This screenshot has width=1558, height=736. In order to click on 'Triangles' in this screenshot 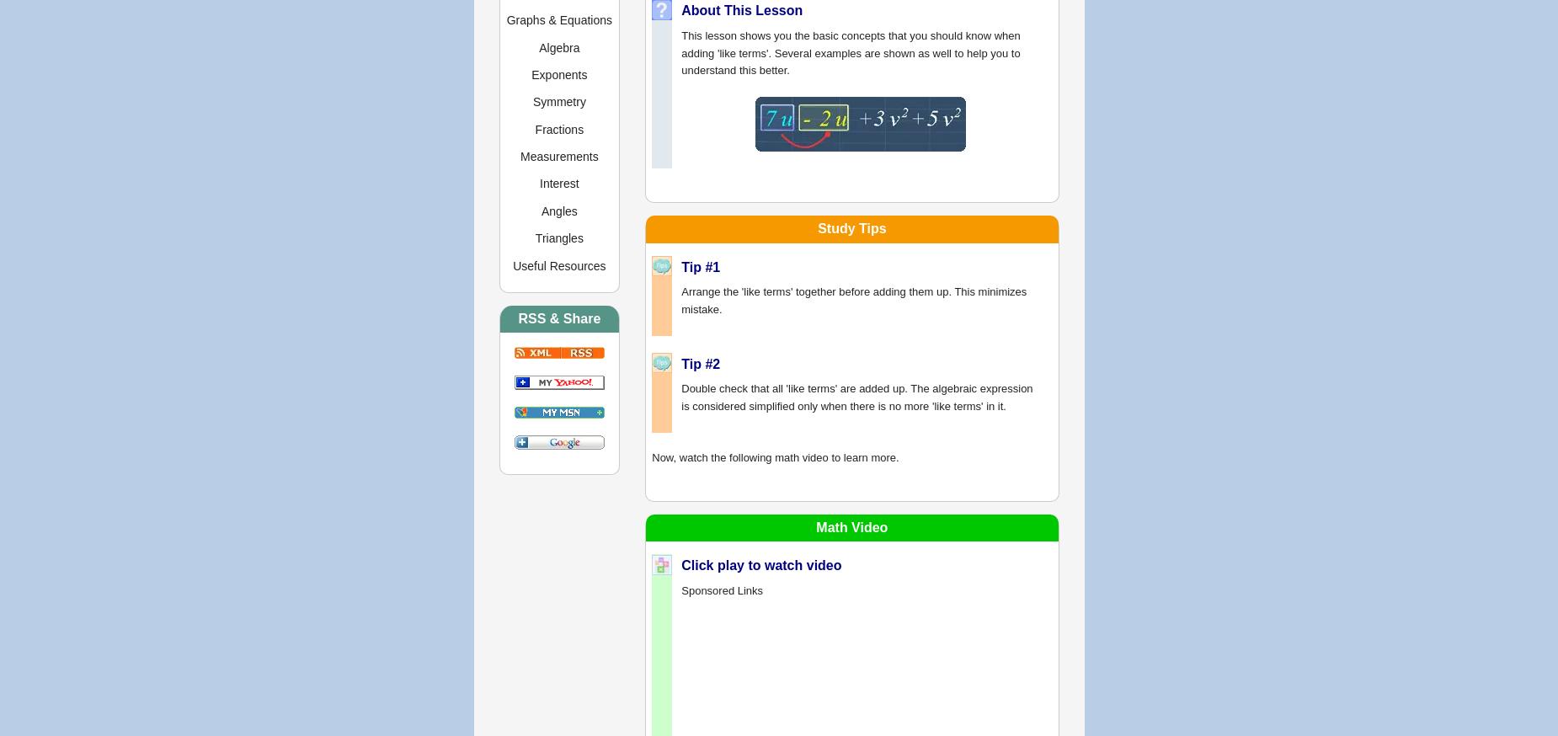, I will do `click(558, 238)`.